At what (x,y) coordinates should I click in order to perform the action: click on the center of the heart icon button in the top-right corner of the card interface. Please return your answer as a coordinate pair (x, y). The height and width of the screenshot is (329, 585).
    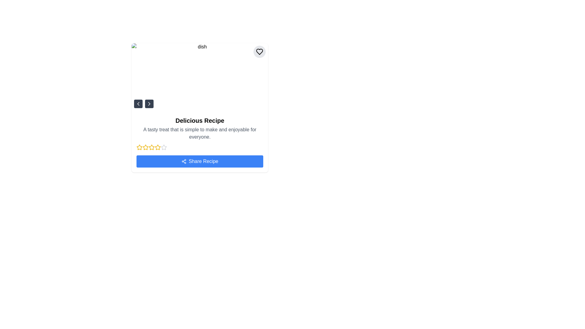
    Looking at the image, I should click on (259, 51).